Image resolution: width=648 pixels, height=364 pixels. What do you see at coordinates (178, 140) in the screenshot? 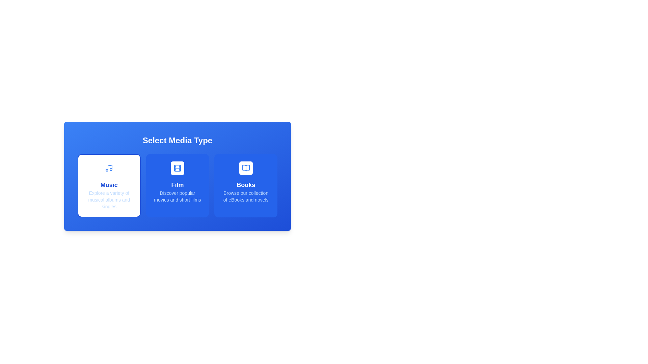
I see `the text element labeled 'Select Media Type' which is styled in bold and is located at the top of a card with a gradient blue background` at bounding box center [178, 140].